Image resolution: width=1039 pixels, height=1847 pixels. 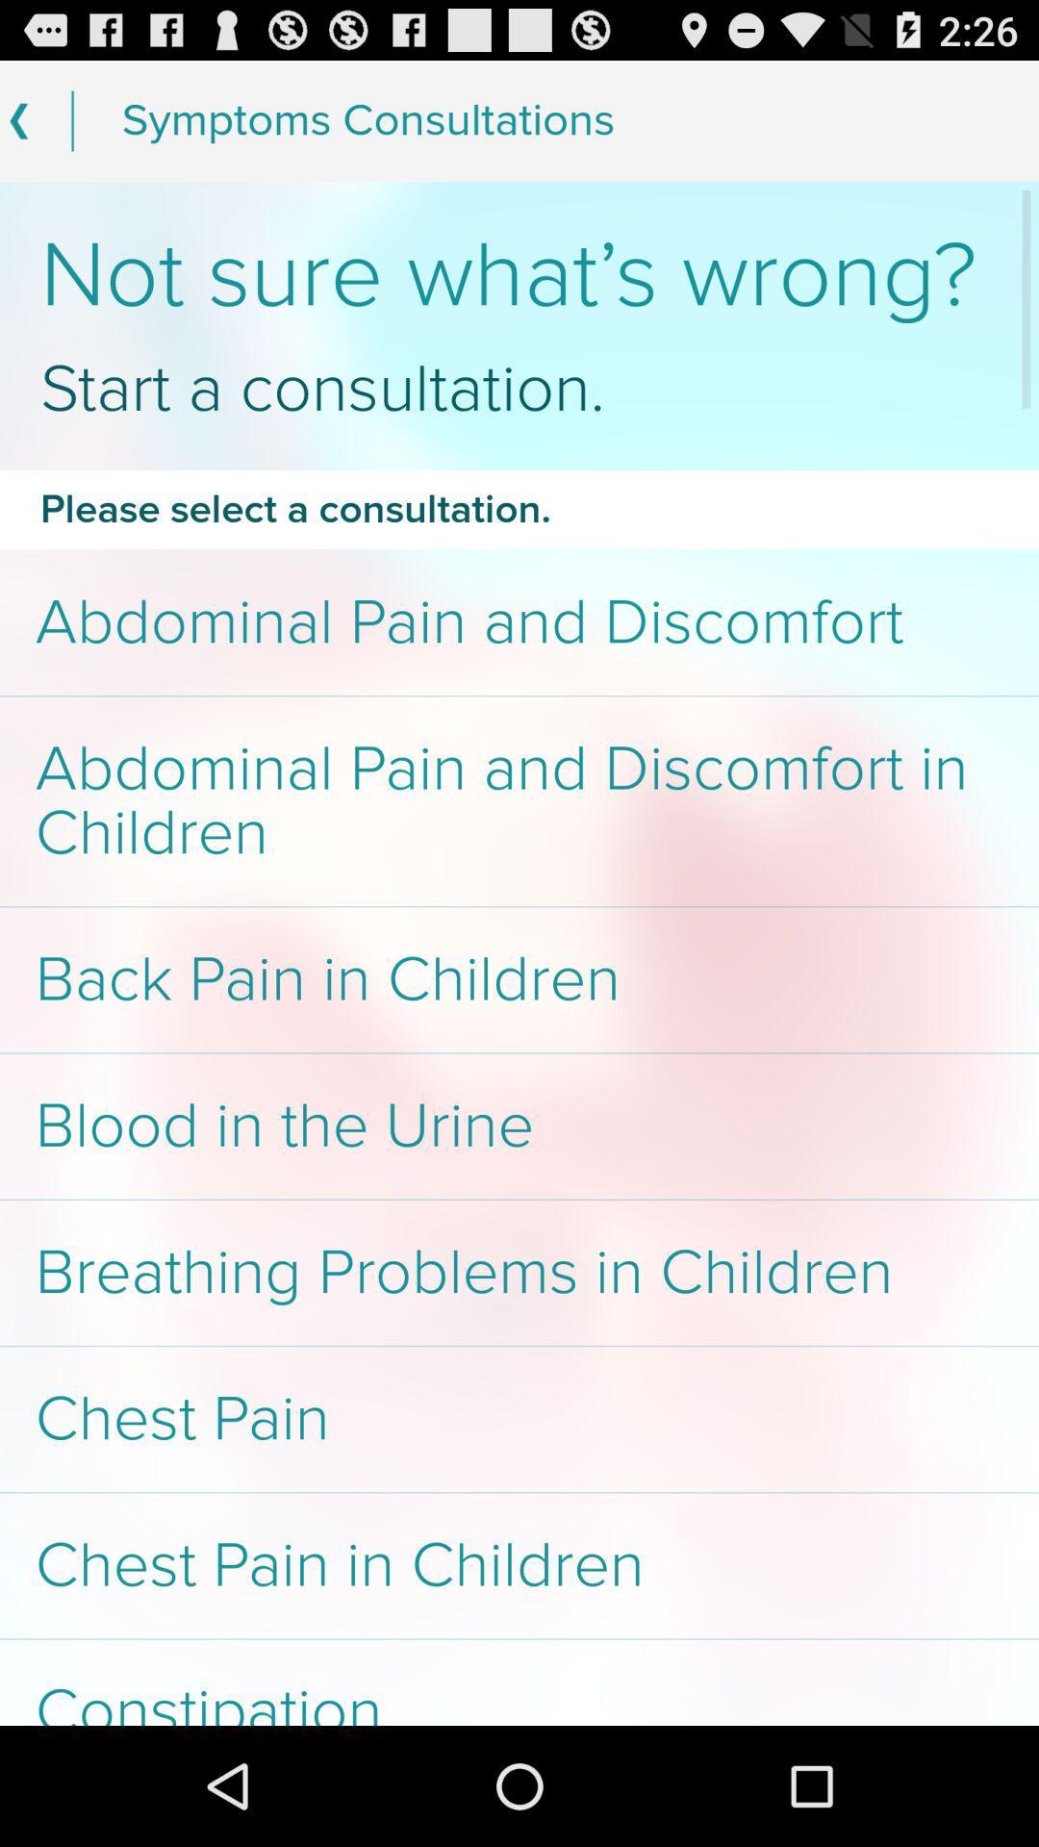 I want to click on app above the chest pain, so click(x=519, y=1273).